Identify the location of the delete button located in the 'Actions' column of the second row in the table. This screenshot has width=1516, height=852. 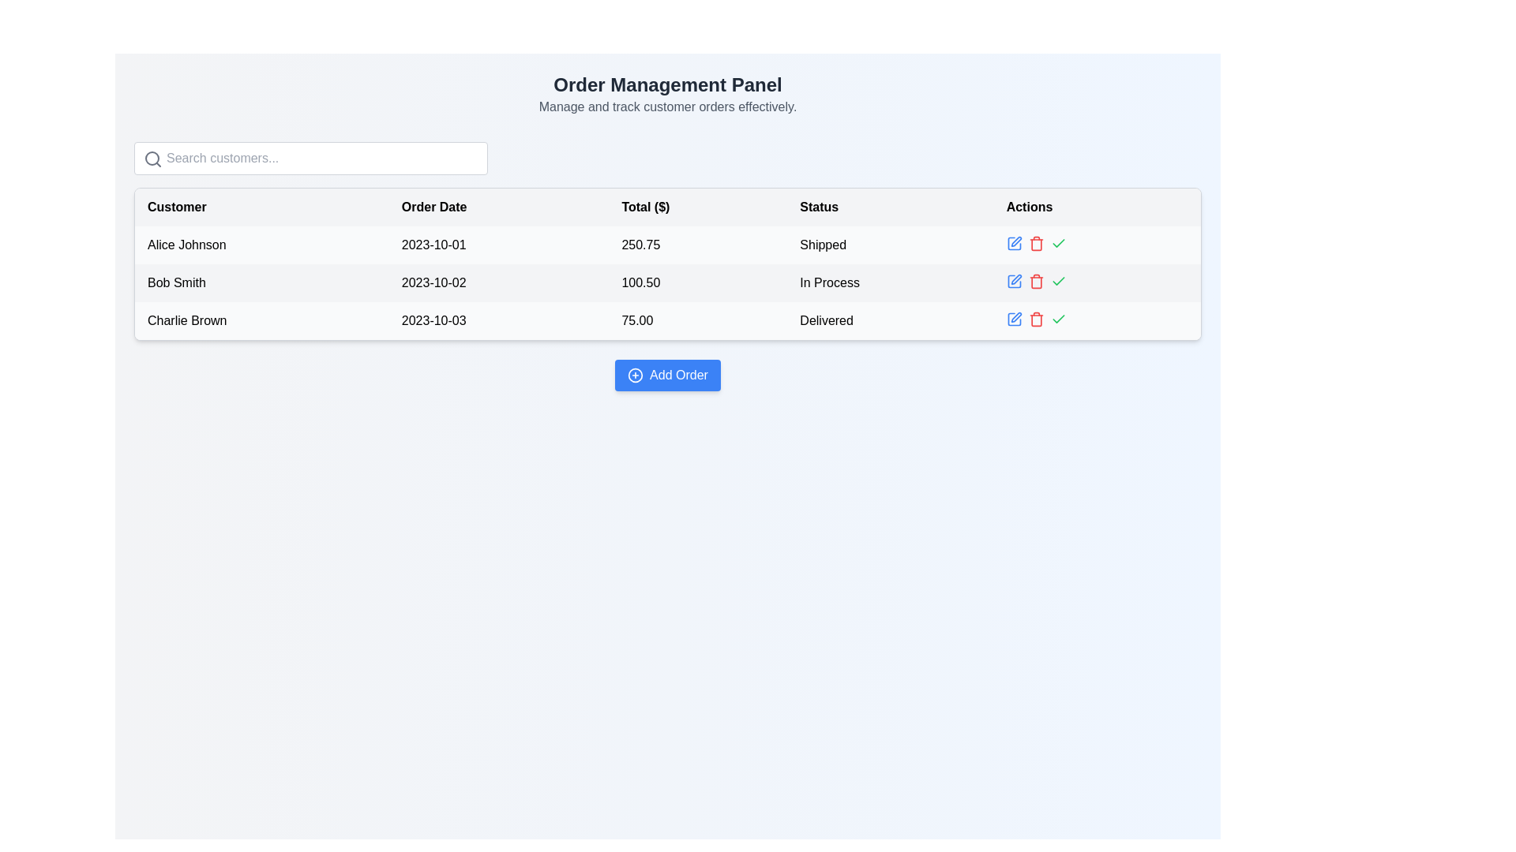
(1035, 281).